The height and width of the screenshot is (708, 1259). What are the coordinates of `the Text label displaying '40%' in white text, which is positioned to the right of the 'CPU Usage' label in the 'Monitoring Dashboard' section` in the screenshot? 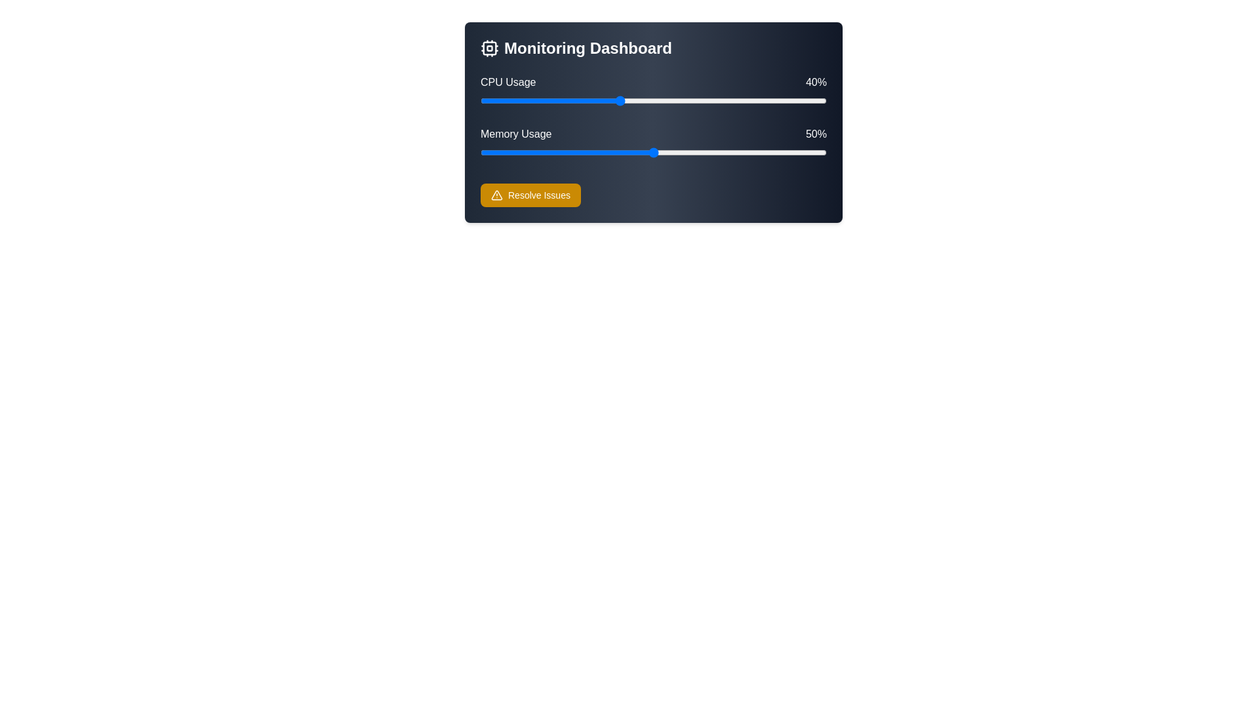 It's located at (815, 83).